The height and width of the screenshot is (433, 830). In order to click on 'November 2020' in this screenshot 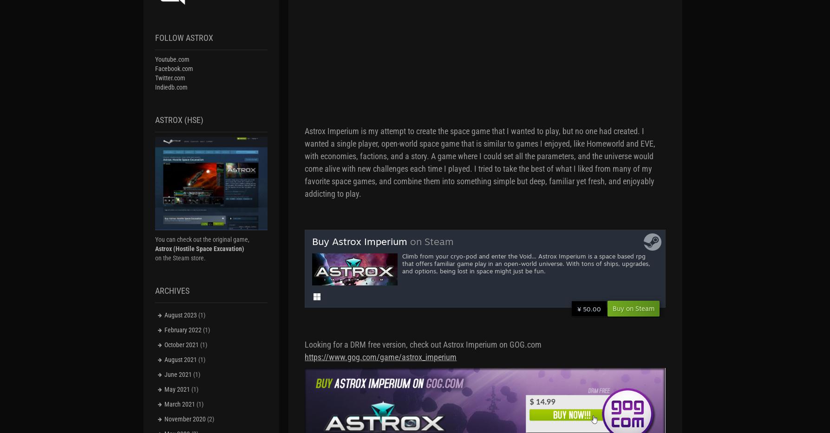, I will do `click(163, 419)`.